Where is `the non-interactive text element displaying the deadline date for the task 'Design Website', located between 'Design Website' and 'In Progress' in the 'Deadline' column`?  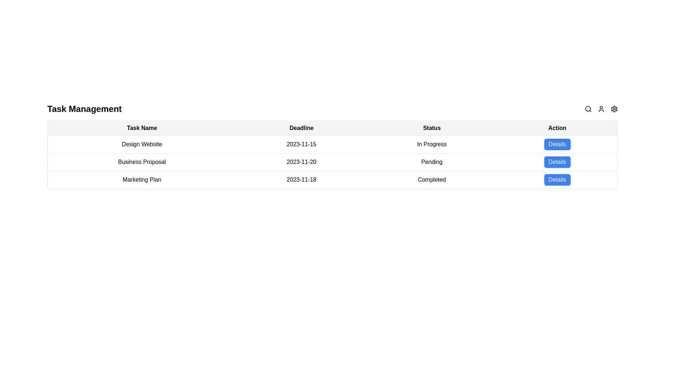
the non-interactive text element displaying the deadline date for the task 'Design Website', located between 'Design Website' and 'In Progress' in the 'Deadline' column is located at coordinates (301, 144).